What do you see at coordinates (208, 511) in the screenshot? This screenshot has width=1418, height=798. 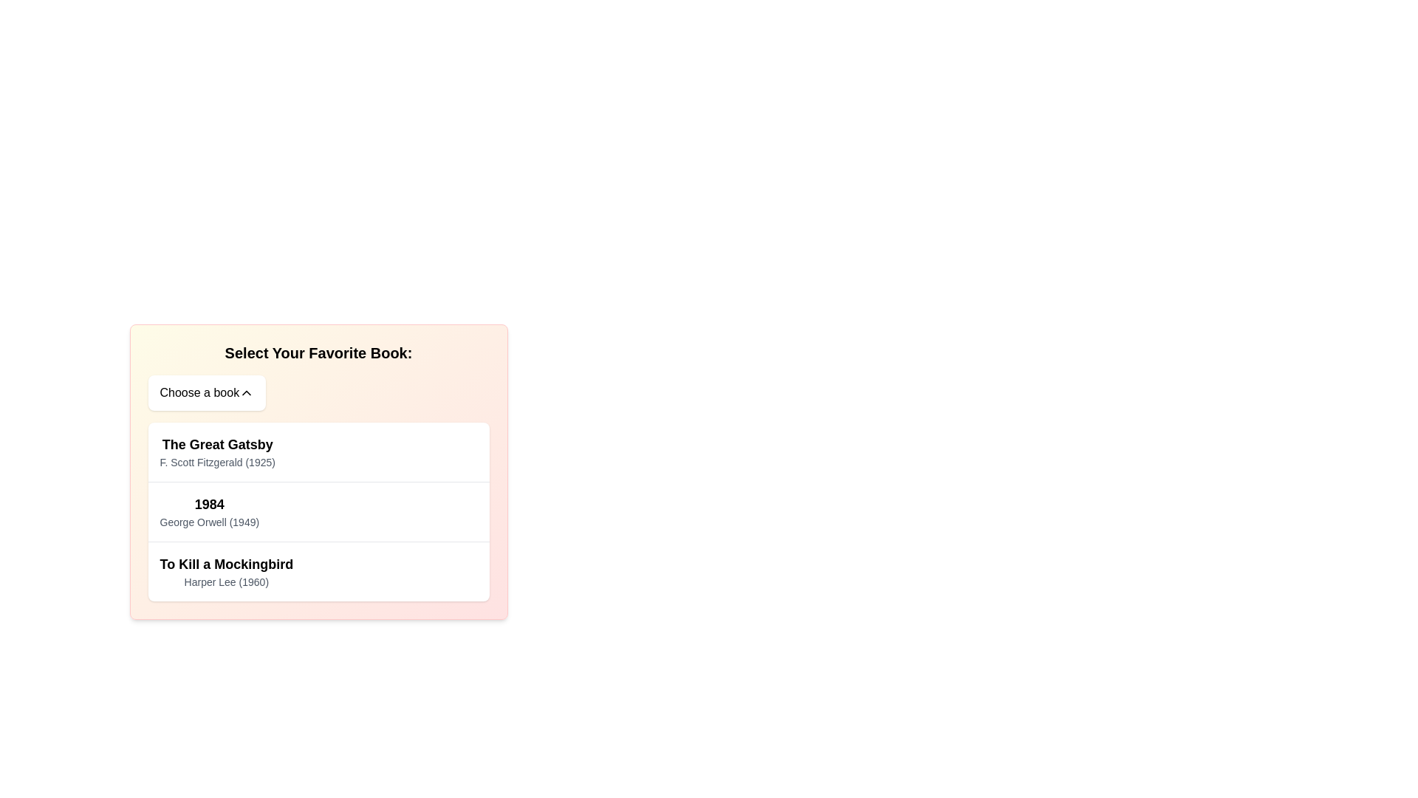 I see `to select the second book option in the list labeled 'Select Your Favorite Book:', which contains the title and author of a book, located directly below 'The Great Gatsby.'` at bounding box center [208, 511].